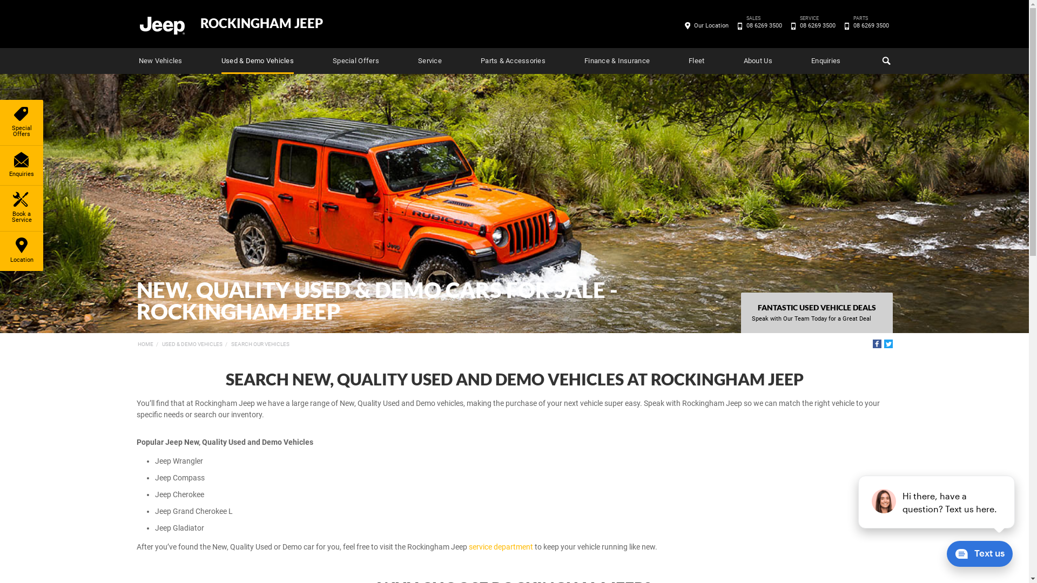 The height and width of the screenshot is (583, 1037). Describe the element at coordinates (757, 60) in the screenshot. I see `'About Us'` at that location.